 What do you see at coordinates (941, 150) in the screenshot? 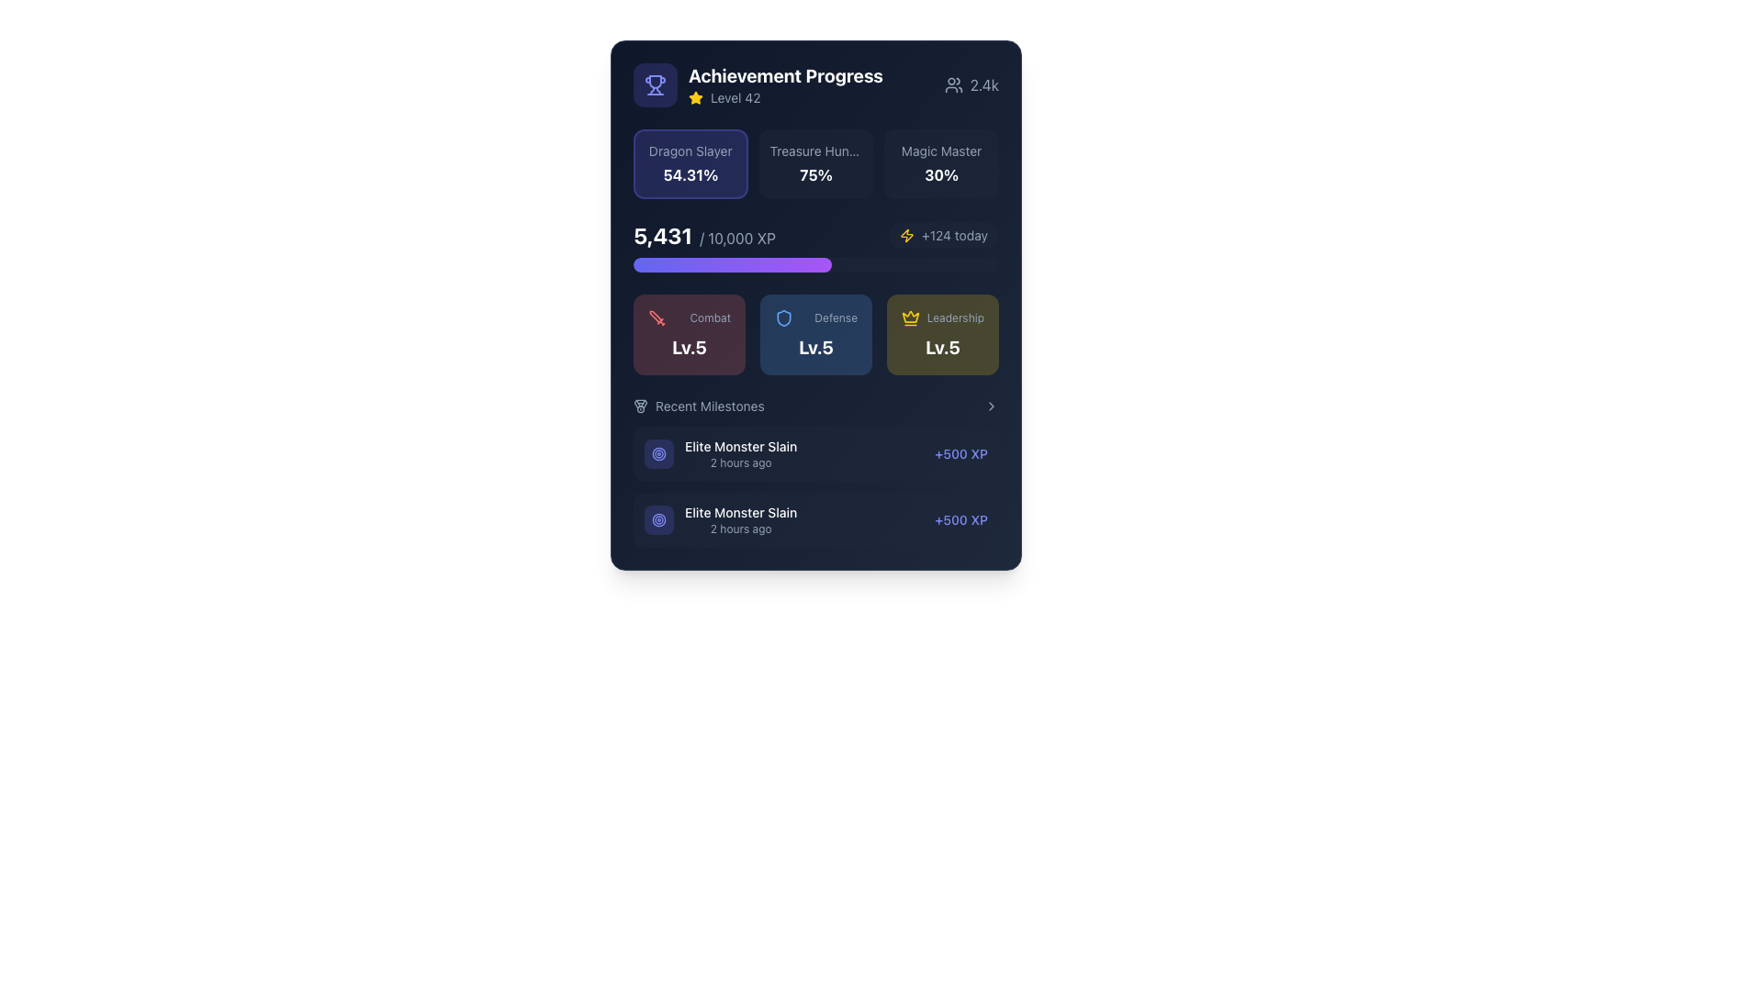
I see `the title label in the top-right corner of the 'Magic Master' card, which identifies the category represented by the card` at bounding box center [941, 150].